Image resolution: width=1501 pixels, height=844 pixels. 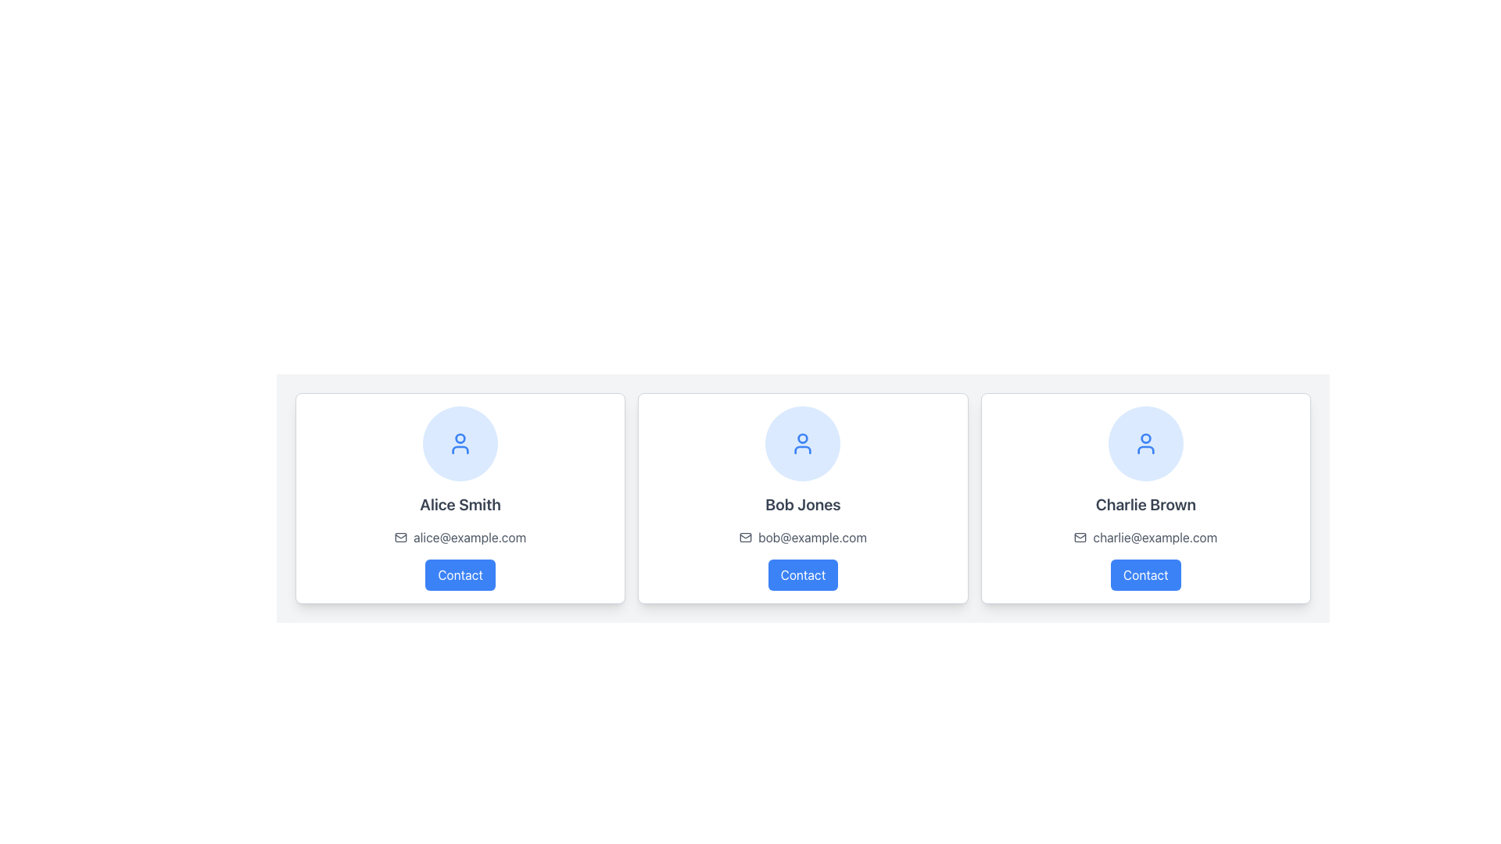 What do you see at coordinates (460, 575) in the screenshot?
I see `the button below the email address 'alice@example.com' in the card panel for keyboard navigation` at bounding box center [460, 575].